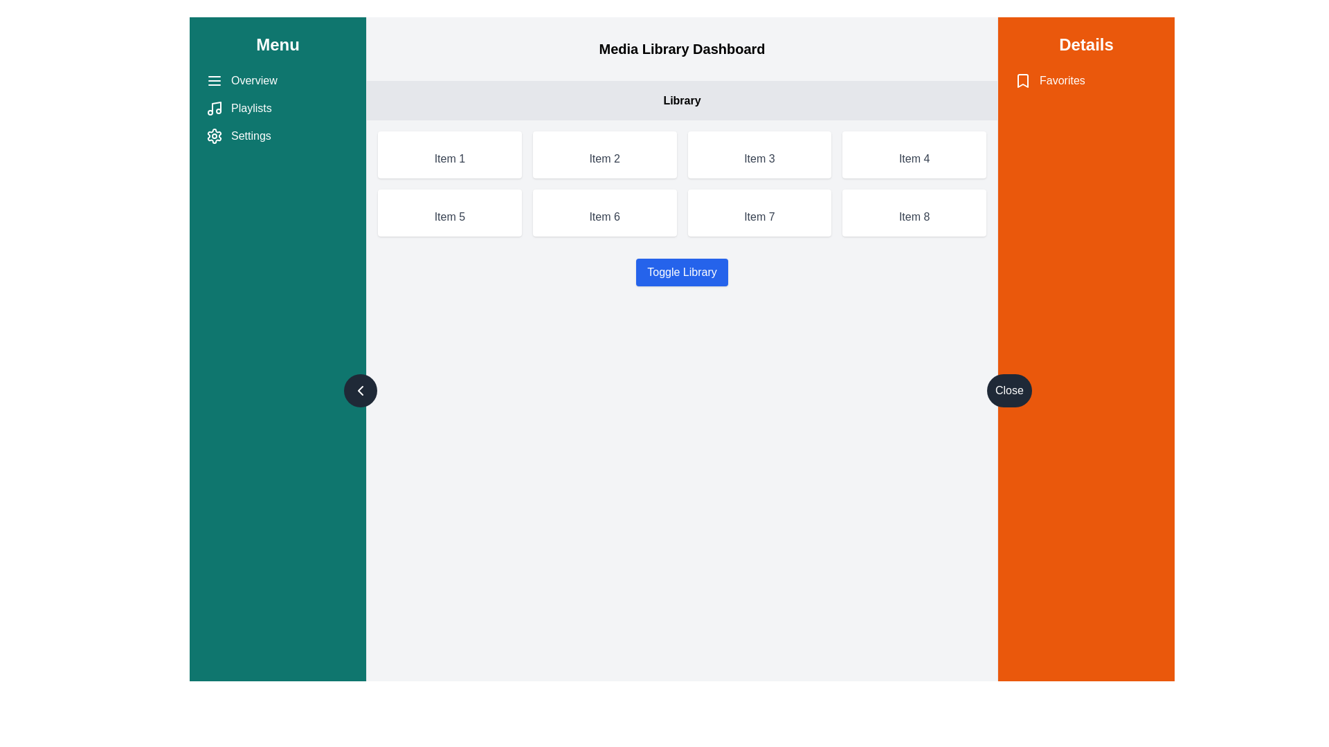  I want to click on the left-facing chevron icon with a white stroke on a dark circular background located in the sidebar to collapse or expand the sidebar, so click(361, 390).